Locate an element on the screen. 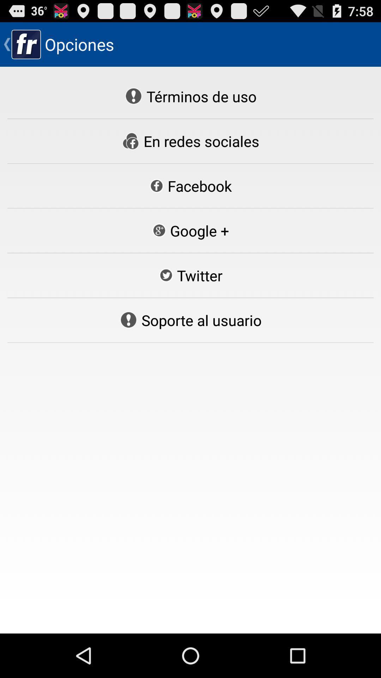 This screenshot has height=678, width=381. soporte al usuario item is located at coordinates (190, 320).